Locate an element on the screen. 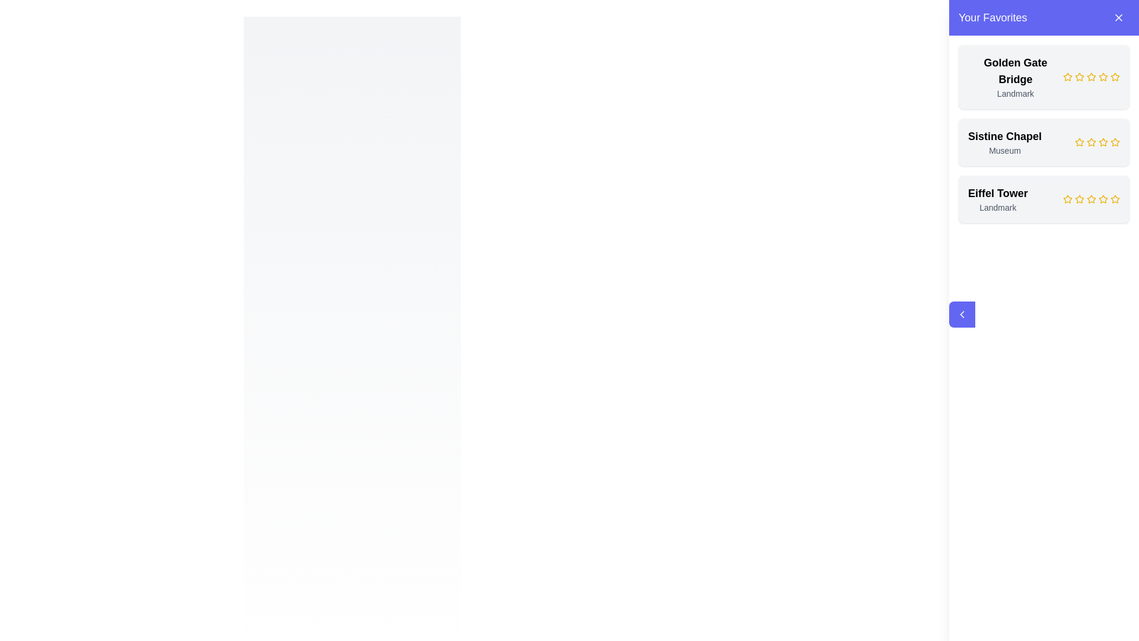 The width and height of the screenshot is (1139, 641). the fifth clickable star icon in the rating row for the item 'Sistine Chapel' in the 'Your Favorites' section is located at coordinates (1115, 141).